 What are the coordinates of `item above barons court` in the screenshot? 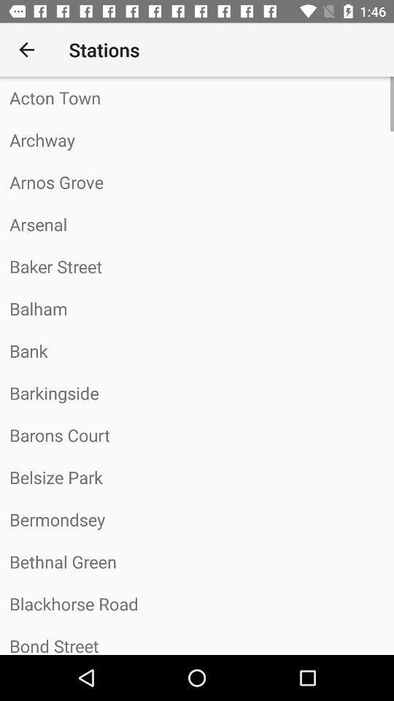 It's located at (197, 392).